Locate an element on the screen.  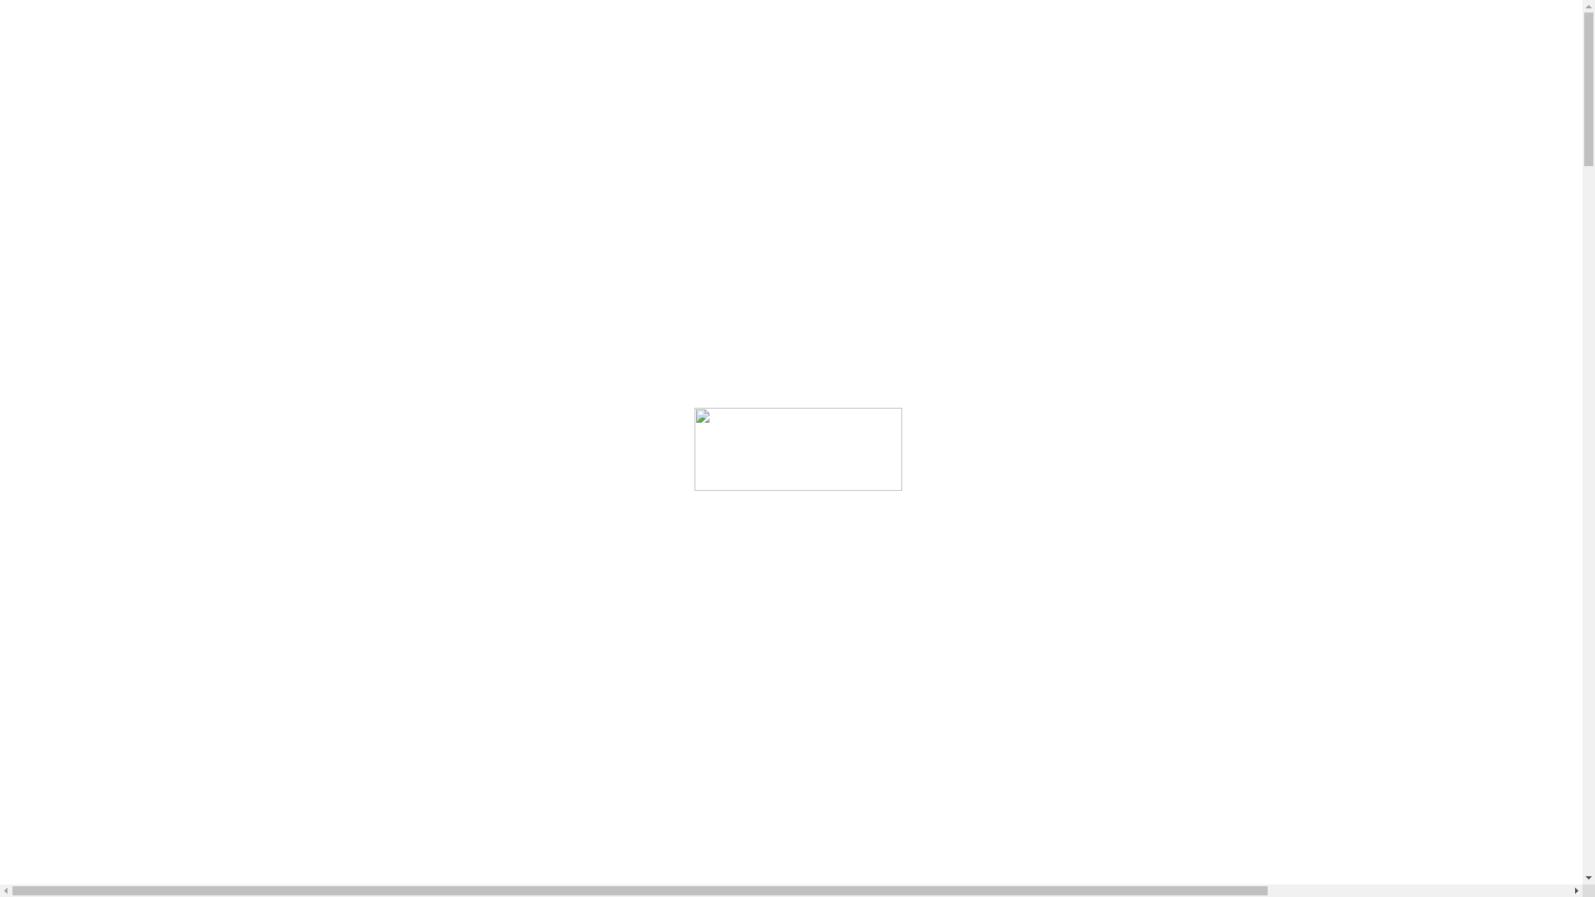
'CONTACT' is located at coordinates (71, 115).